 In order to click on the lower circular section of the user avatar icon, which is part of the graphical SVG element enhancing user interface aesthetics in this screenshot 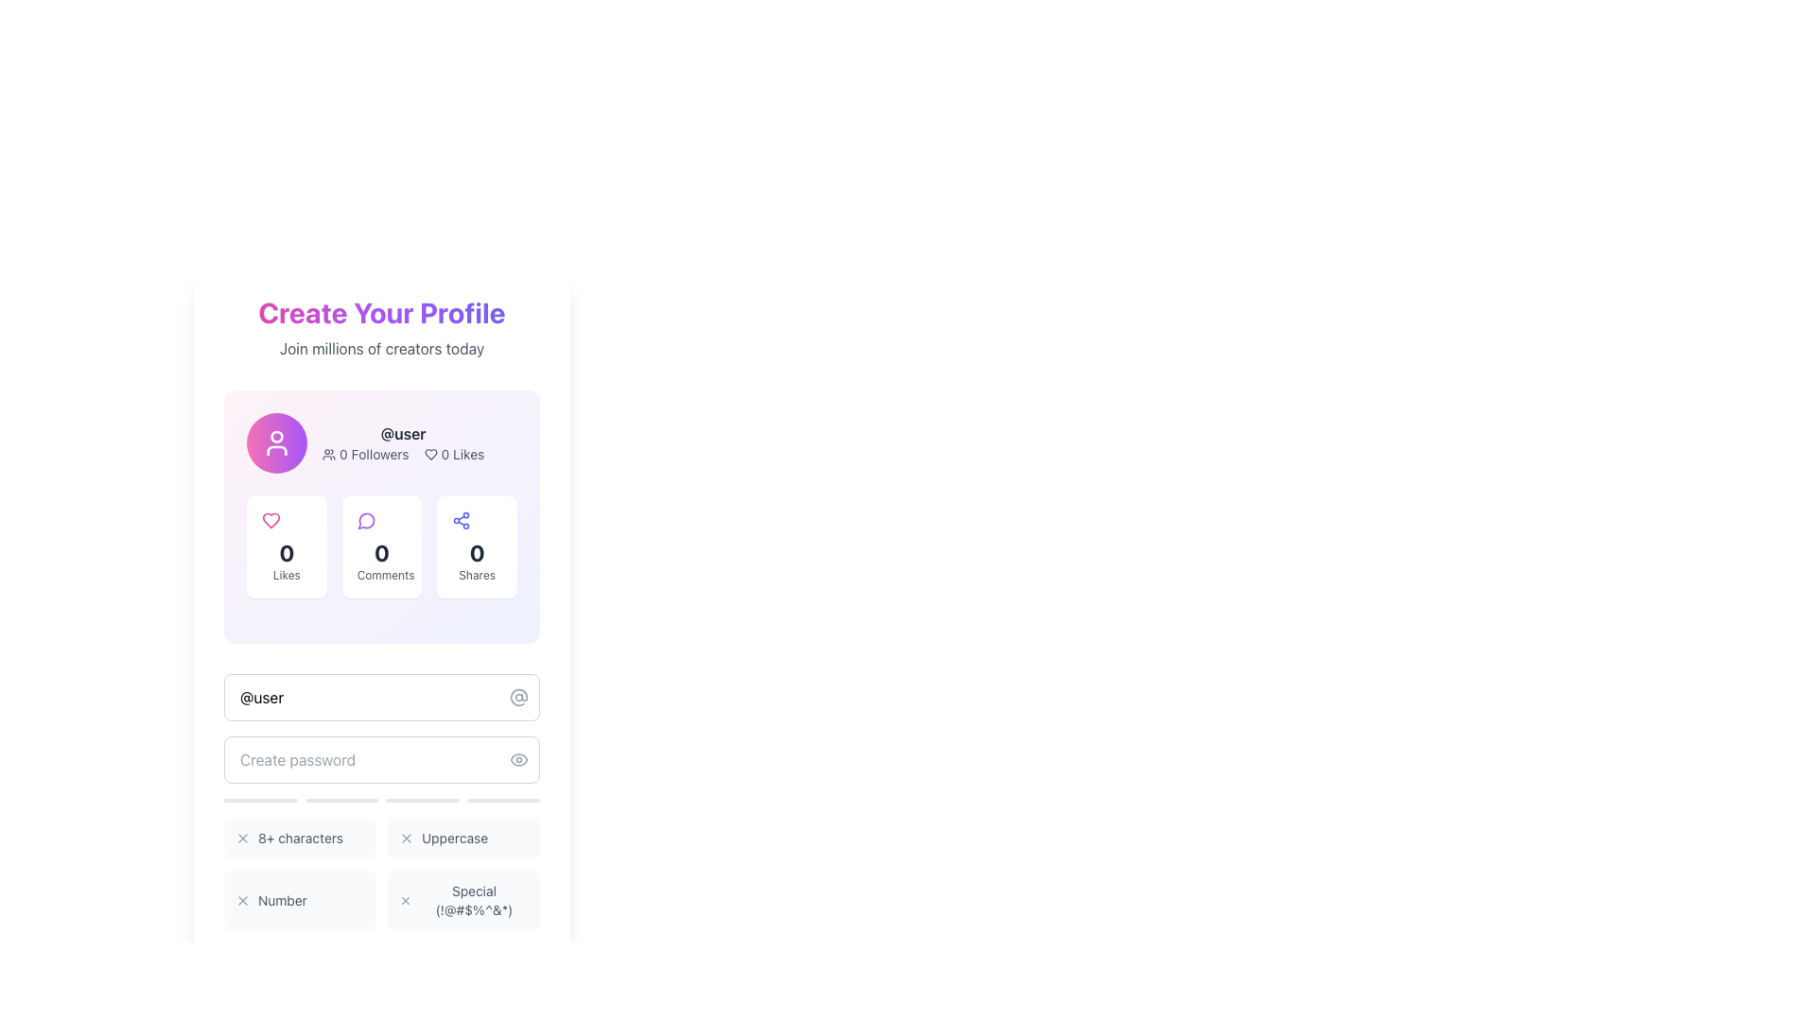, I will do `click(275, 451)`.